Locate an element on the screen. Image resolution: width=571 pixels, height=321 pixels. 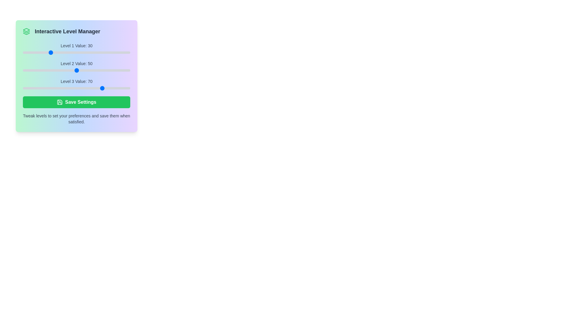
the floppy disk icon located within the green 'Save Settings' button at the bottom center of the panel is located at coordinates (60, 102).